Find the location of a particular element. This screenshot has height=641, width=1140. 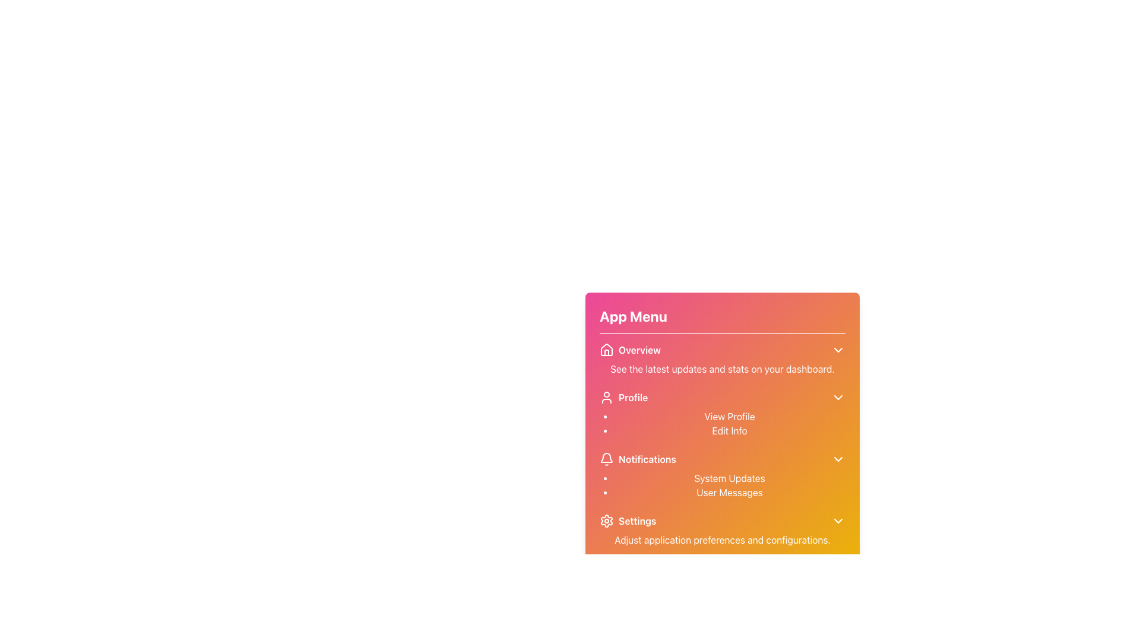

the Text Label indicating the profile options section of the menu, which is positioned to the right of a user icon within the 'App Menu' section is located at coordinates (632, 398).